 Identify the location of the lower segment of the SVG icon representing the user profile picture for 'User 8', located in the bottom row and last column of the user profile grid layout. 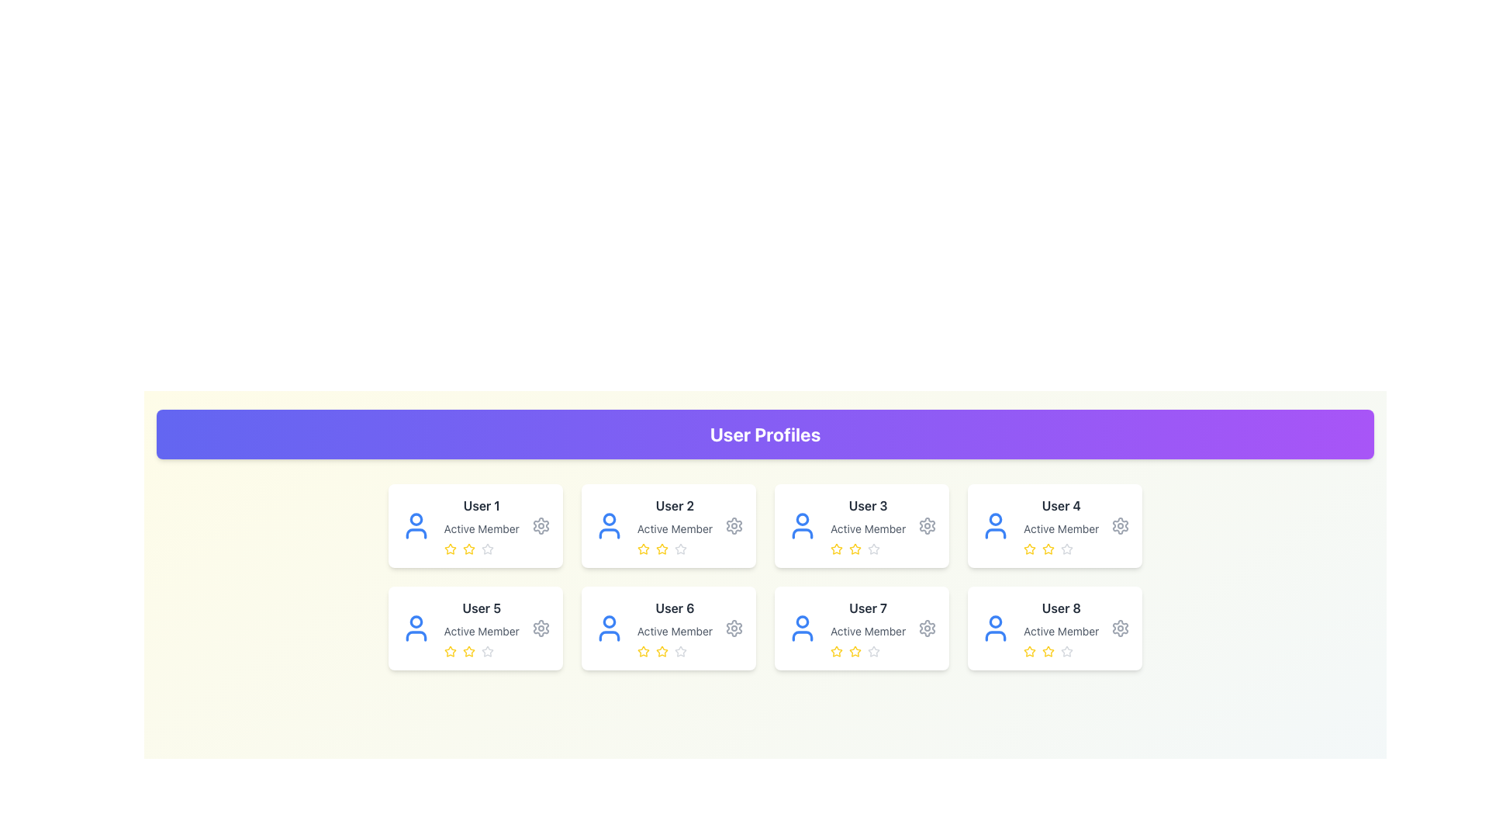
(996, 636).